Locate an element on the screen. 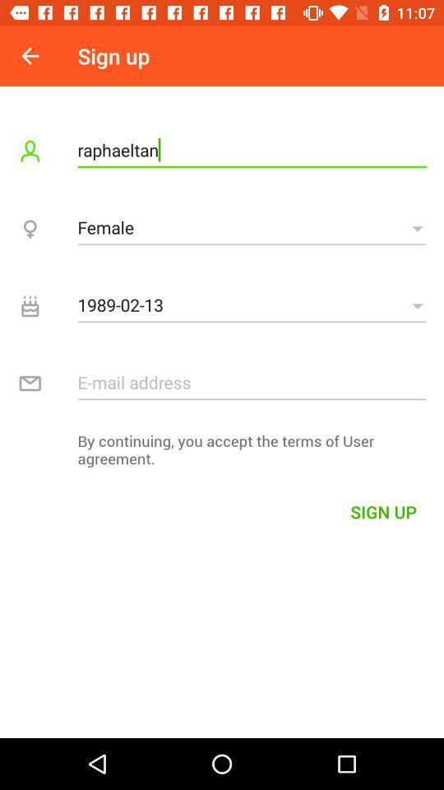 The width and height of the screenshot is (444, 790). item below sign up item is located at coordinates (252, 150).